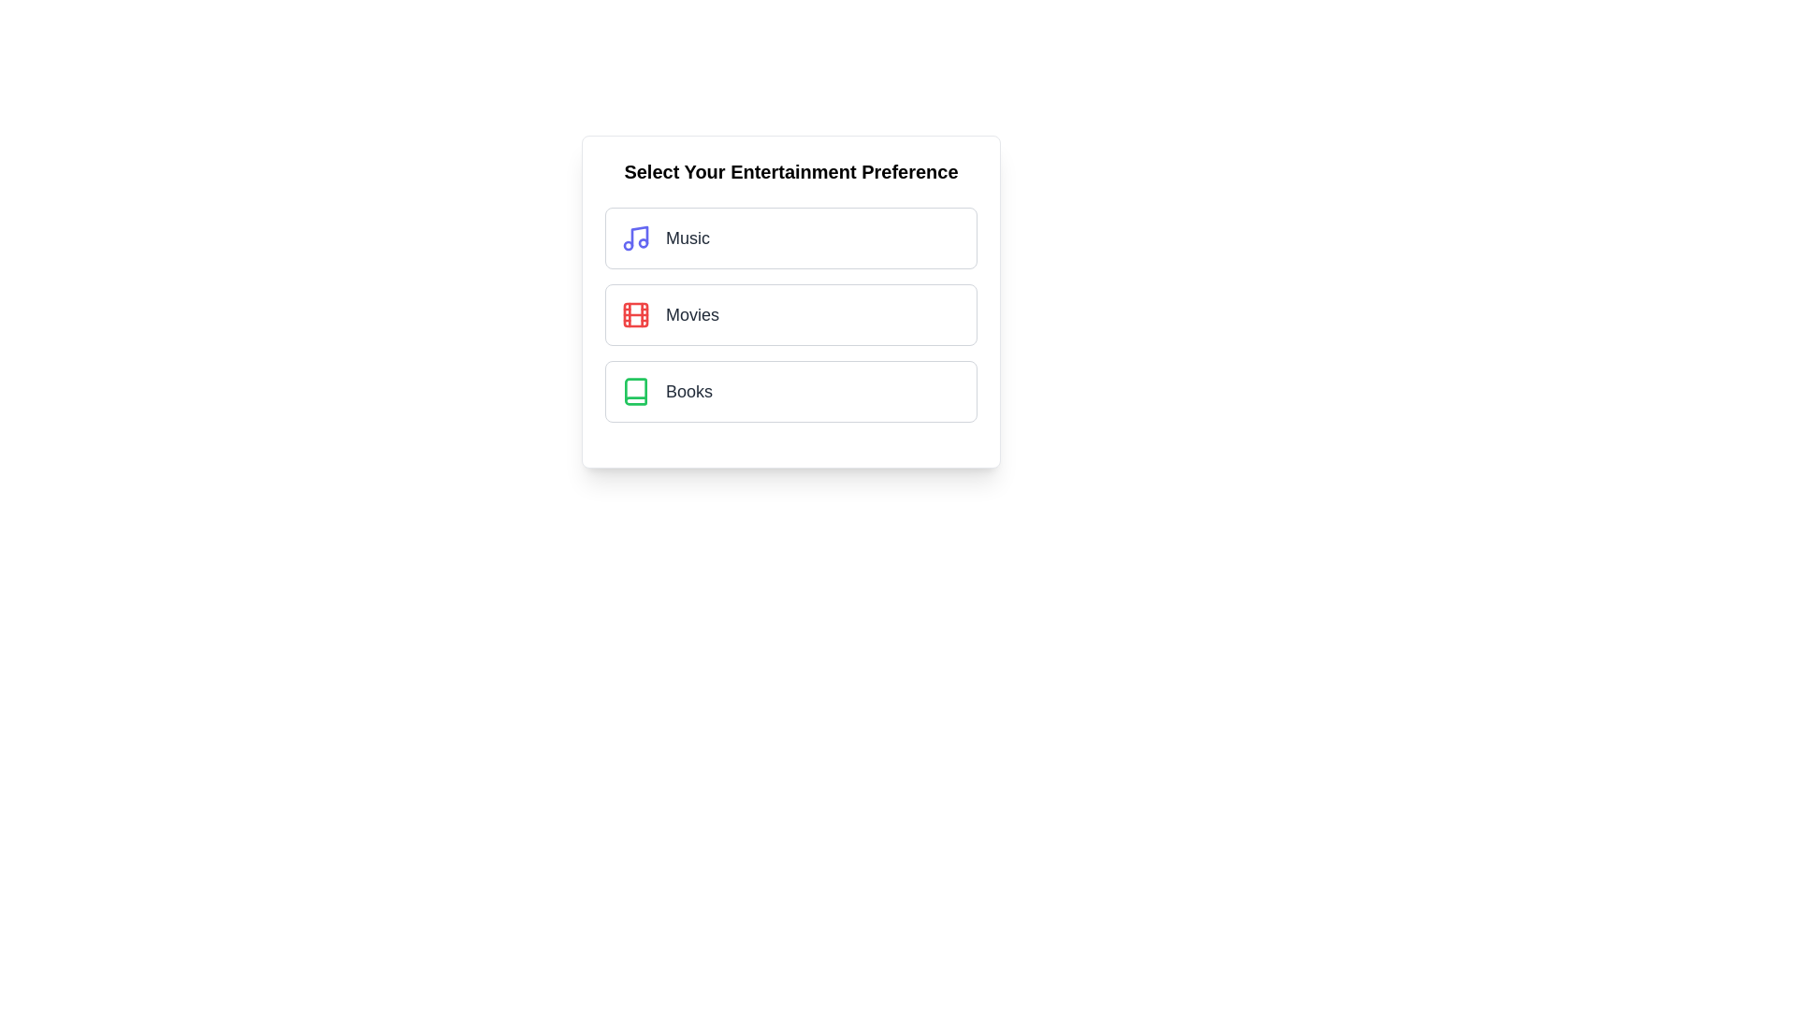  What do you see at coordinates (790, 313) in the screenshot?
I see `the middle selectable option labeled 'Movies' in the vertical list to trigger the highlight effect` at bounding box center [790, 313].